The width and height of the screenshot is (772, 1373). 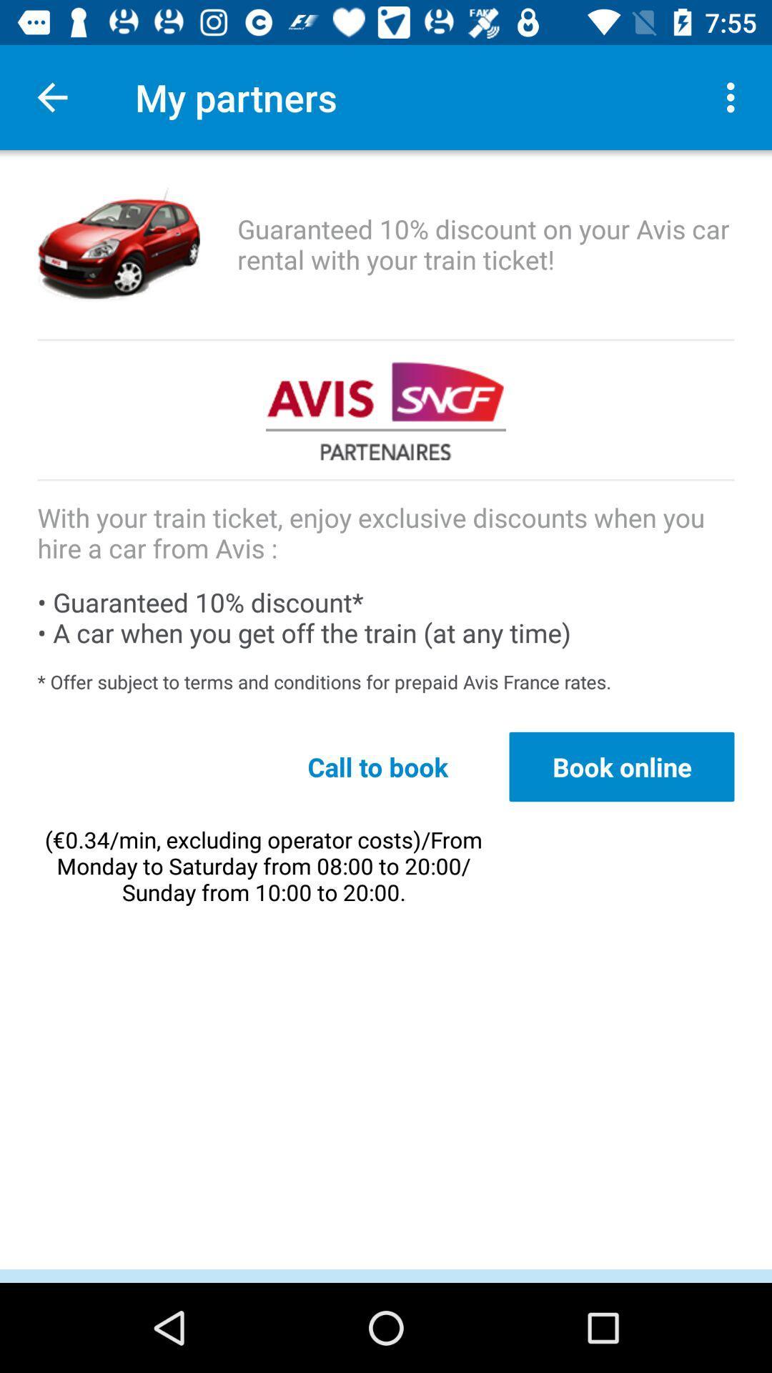 What do you see at coordinates (377, 766) in the screenshot?
I see `the item above the 0 34 min` at bounding box center [377, 766].